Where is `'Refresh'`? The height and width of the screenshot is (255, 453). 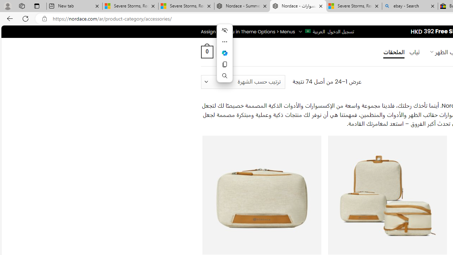
'Refresh' is located at coordinates (25, 18).